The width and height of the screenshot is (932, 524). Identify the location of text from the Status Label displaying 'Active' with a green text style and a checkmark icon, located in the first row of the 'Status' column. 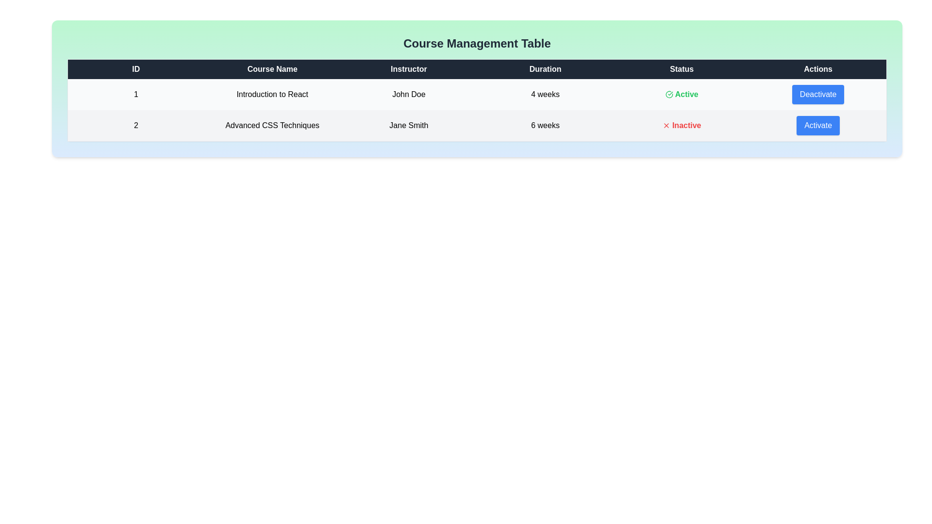
(681, 95).